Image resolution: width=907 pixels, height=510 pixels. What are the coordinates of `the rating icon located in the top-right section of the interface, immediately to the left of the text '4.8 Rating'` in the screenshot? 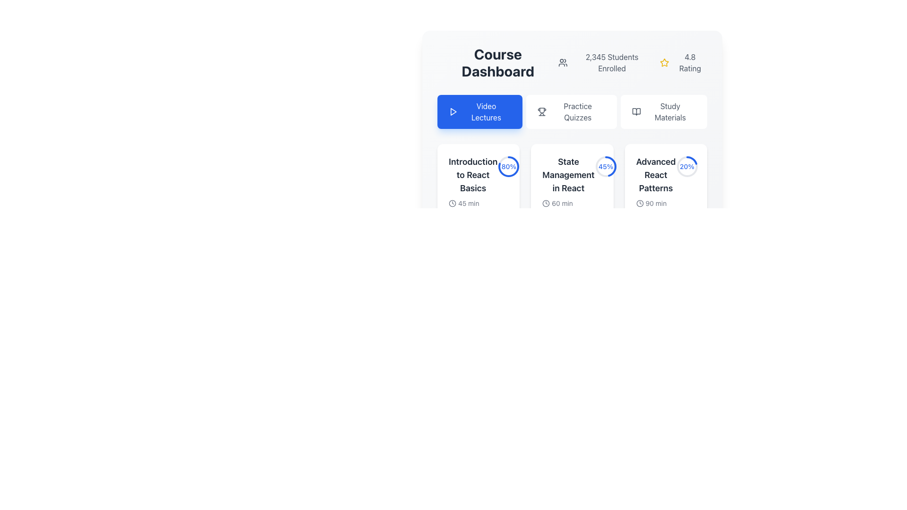 It's located at (664, 62).